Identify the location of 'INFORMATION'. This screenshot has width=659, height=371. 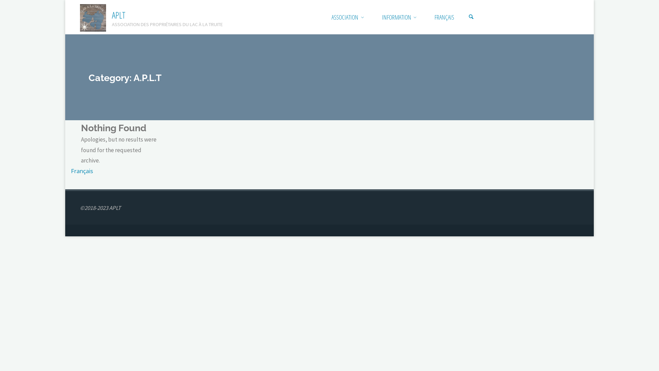
(396, 17).